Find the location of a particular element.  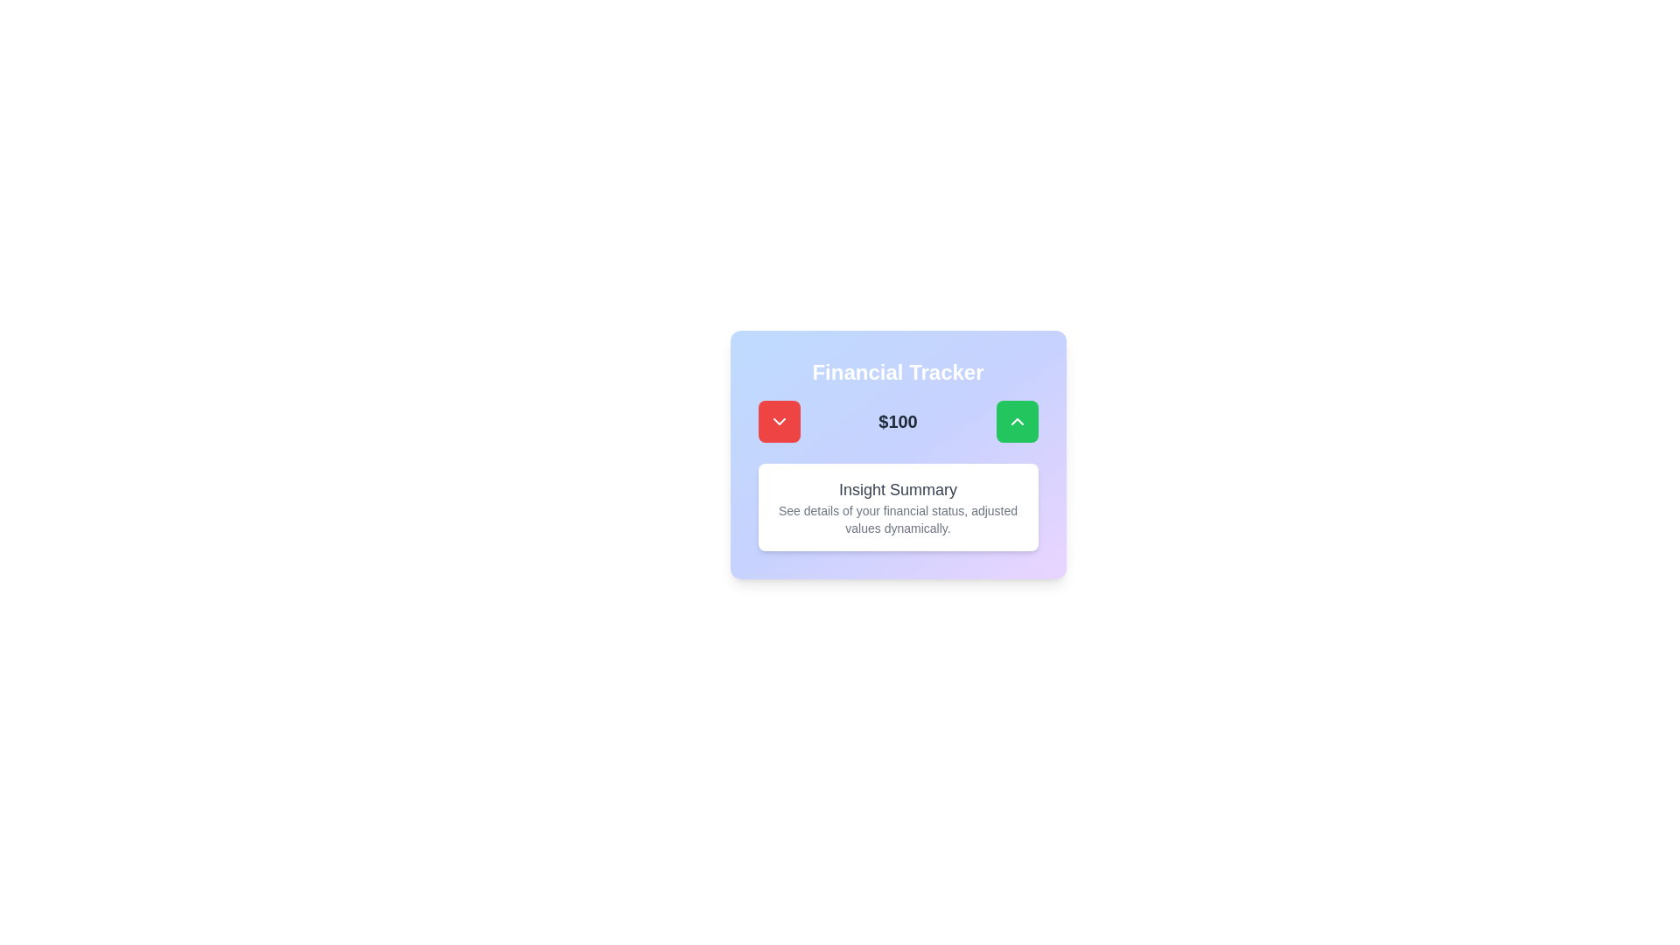

the static text component displaying 'See details of your financial status, adjusted values dynamically.' located within the card-like section beneath the heading 'Insight Summary' is located at coordinates (898, 519).